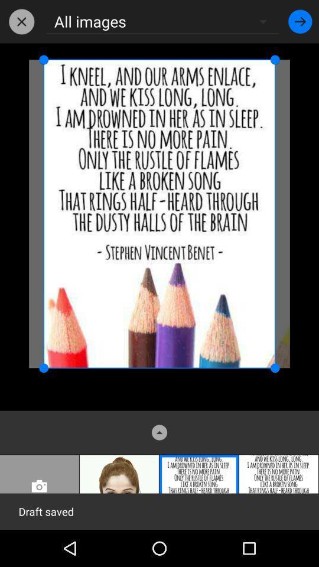 Image resolution: width=319 pixels, height=567 pixels. Describe the element at coordinates (300, 21) in the screenshot. I see `item next to all images` at that location.